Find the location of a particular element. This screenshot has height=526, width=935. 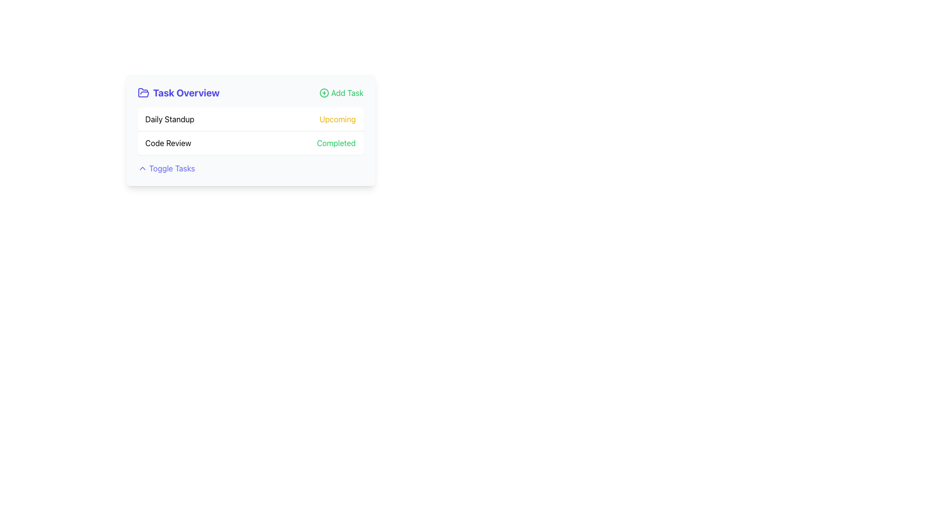

the interactive button for adding a new task located in the top-right corner of the 'Task Overview' section header is located at coordinates (341, 93).